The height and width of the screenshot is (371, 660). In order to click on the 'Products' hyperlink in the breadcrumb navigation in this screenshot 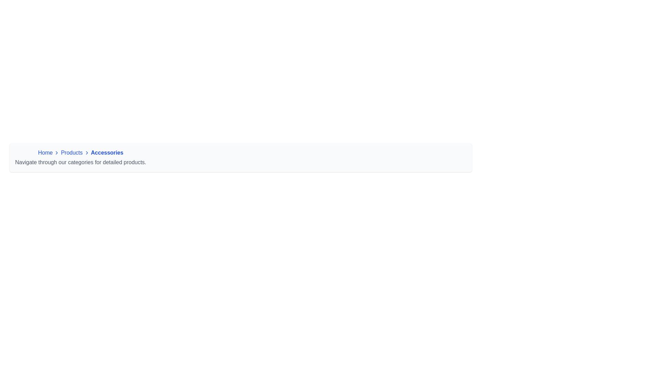, I will do `click(71, 152)`.